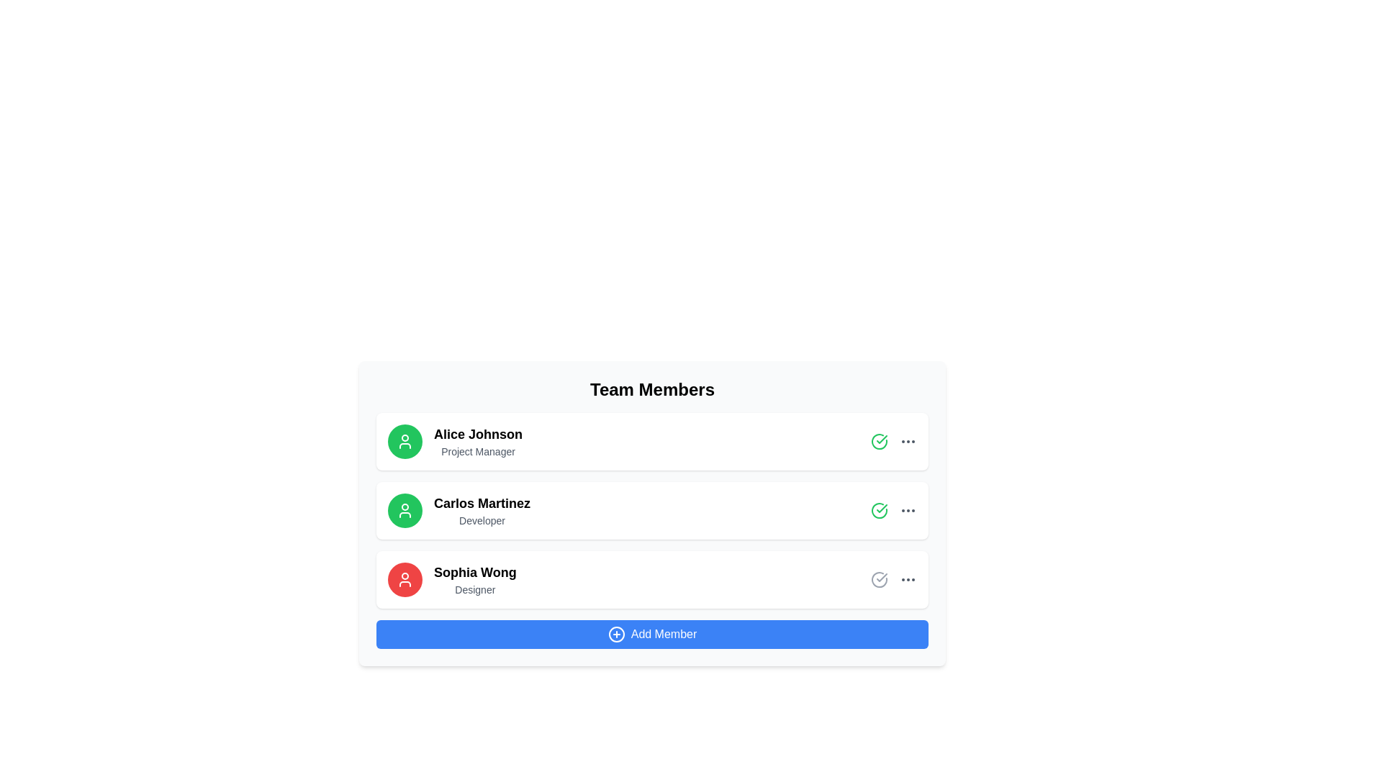  Describe the element at coordinates (879, 440) in the screenshot. I see `the success indicator icon associated with the team member 'Carlos Martinez', located in the middle of the second row of team members` at that location.